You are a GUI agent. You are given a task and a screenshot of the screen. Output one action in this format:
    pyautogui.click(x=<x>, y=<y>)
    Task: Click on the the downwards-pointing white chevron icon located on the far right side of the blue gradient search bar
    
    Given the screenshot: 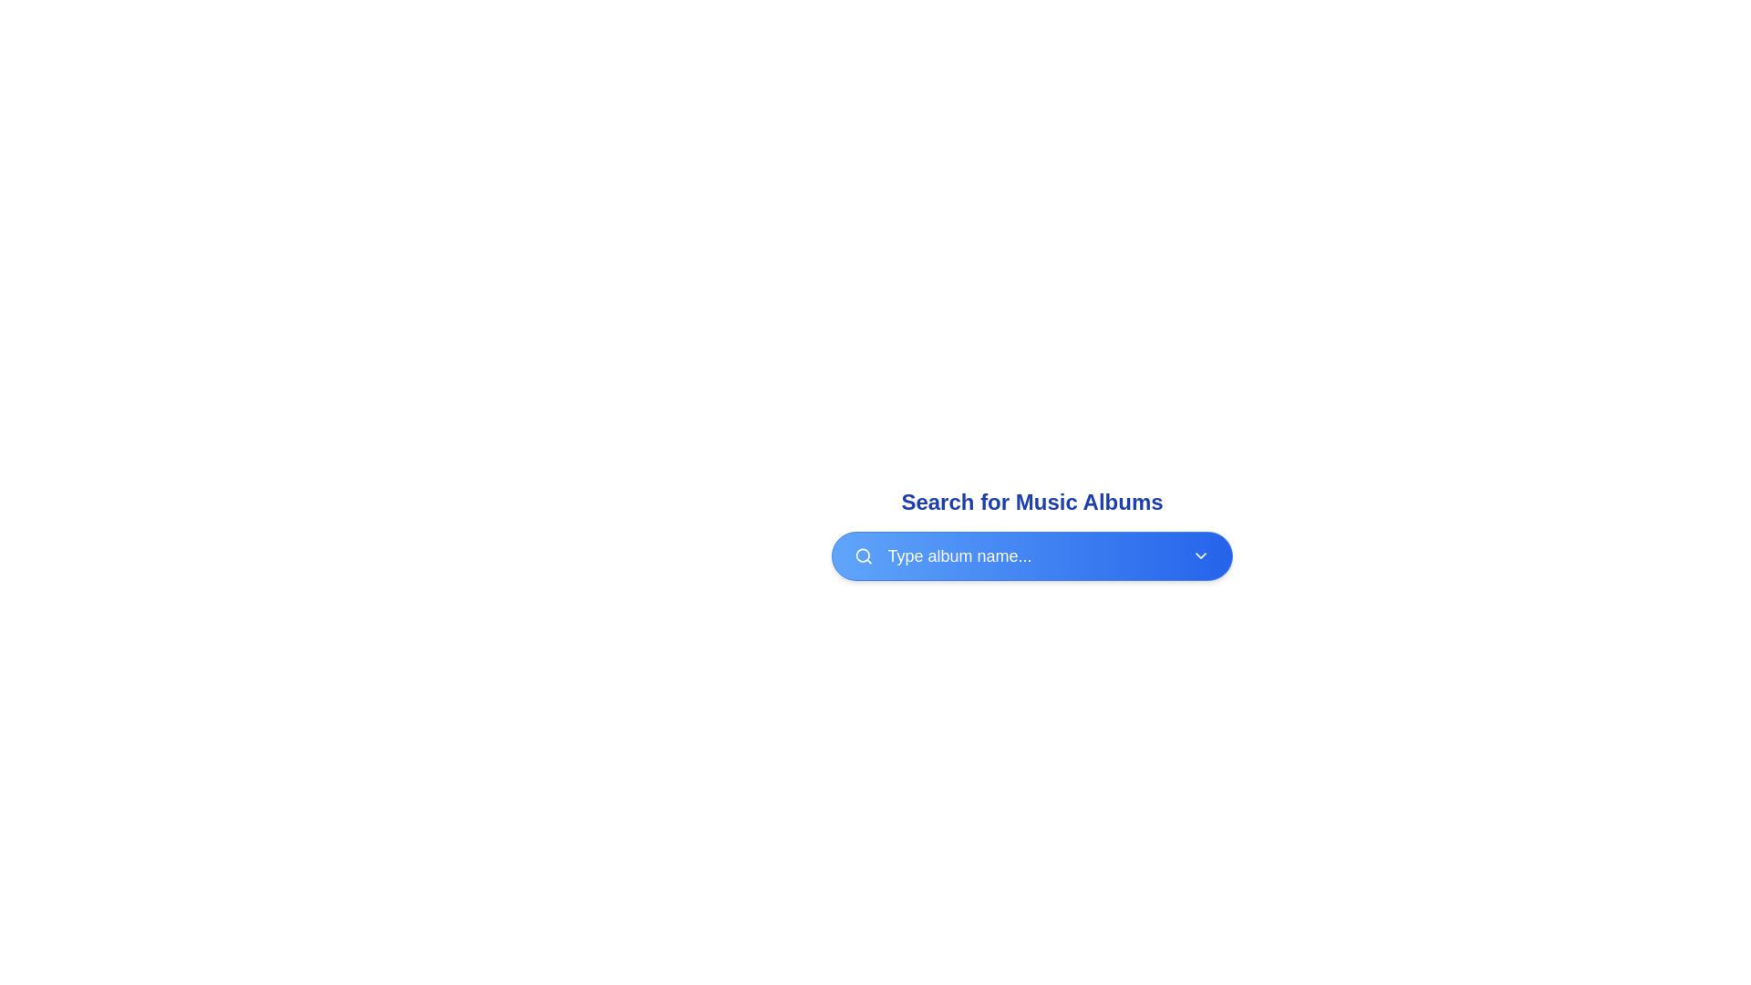 What is the action you would take?
    pyautogui.click(x=1200, y=555)
    